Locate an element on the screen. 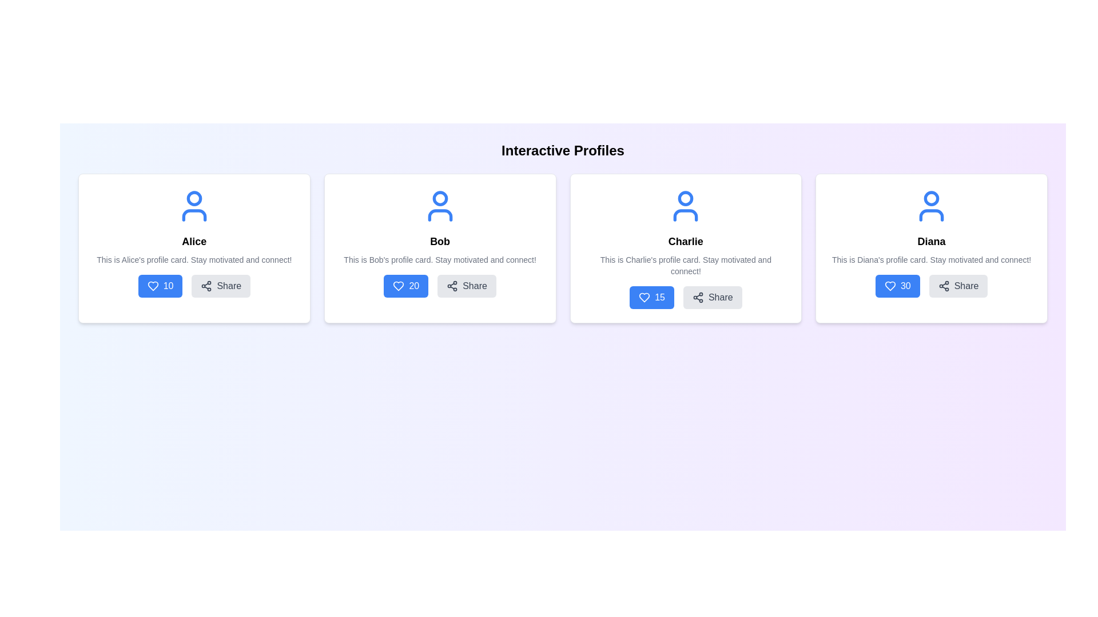  the avatar icon representing the user's profile labeled 'Diana' at the top-center of the profile card is located at coordinates (932, 206).